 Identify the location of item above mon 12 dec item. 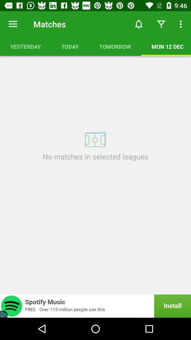
(161, 24).